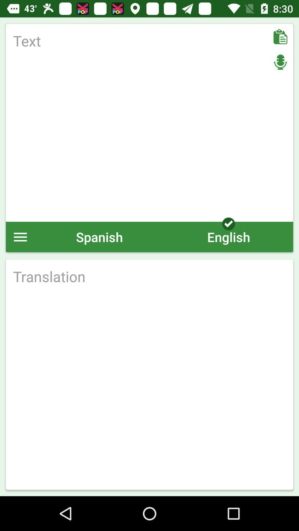  I want to click on text field, so click(149, 123).